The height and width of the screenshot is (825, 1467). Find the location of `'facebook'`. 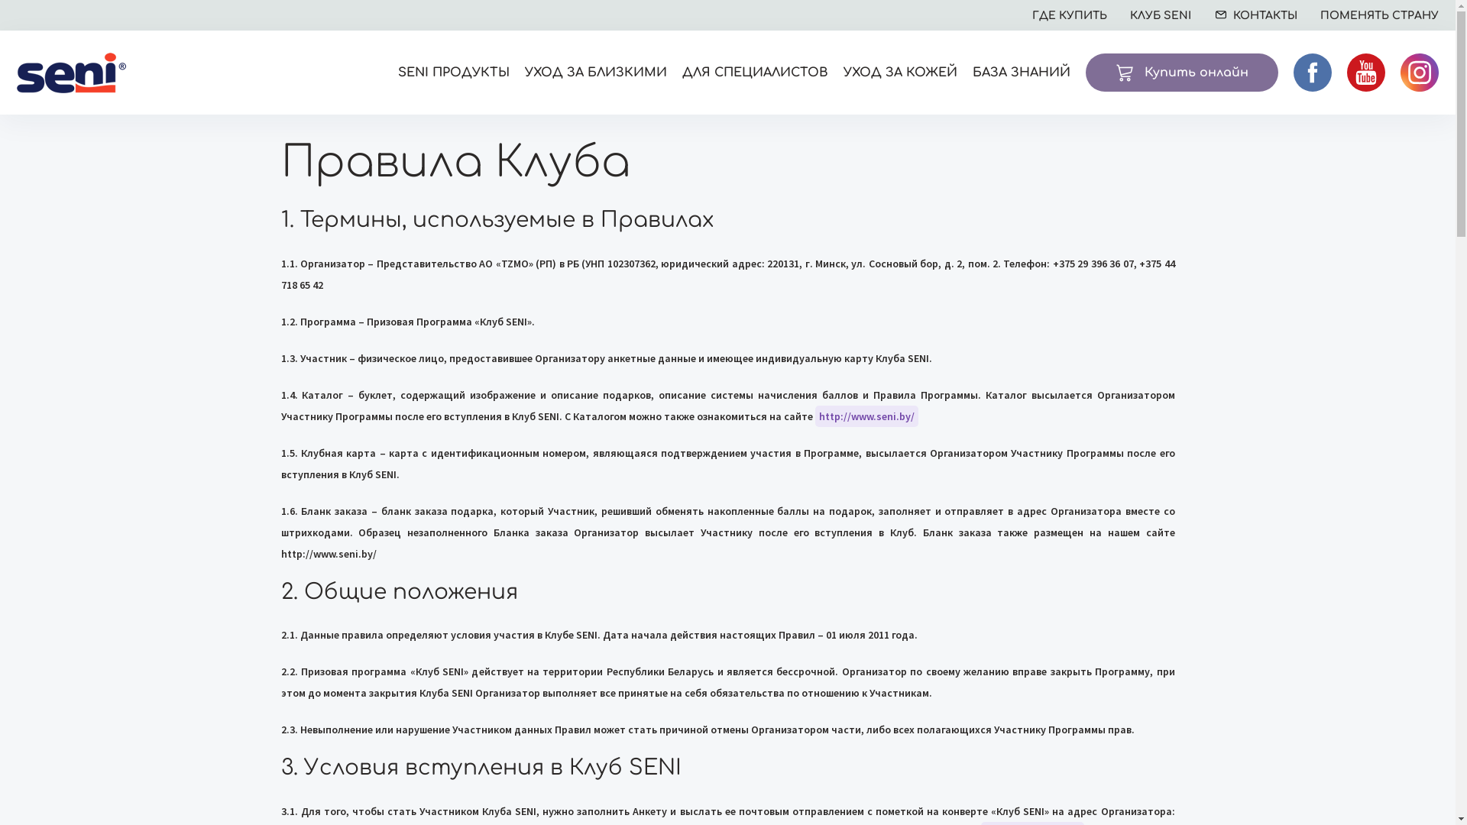

'facebook' is located at coordinates (1312, 73).